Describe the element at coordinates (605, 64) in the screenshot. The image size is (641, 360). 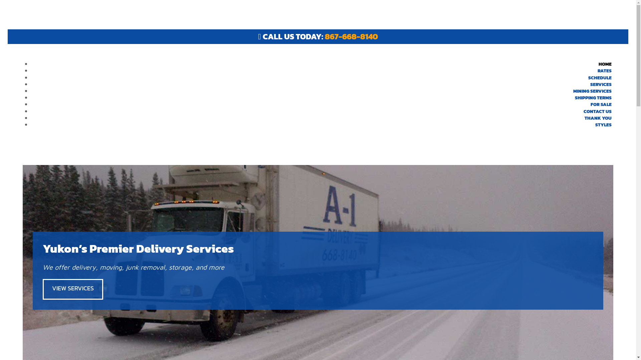
I see `'HOME'` at that location.